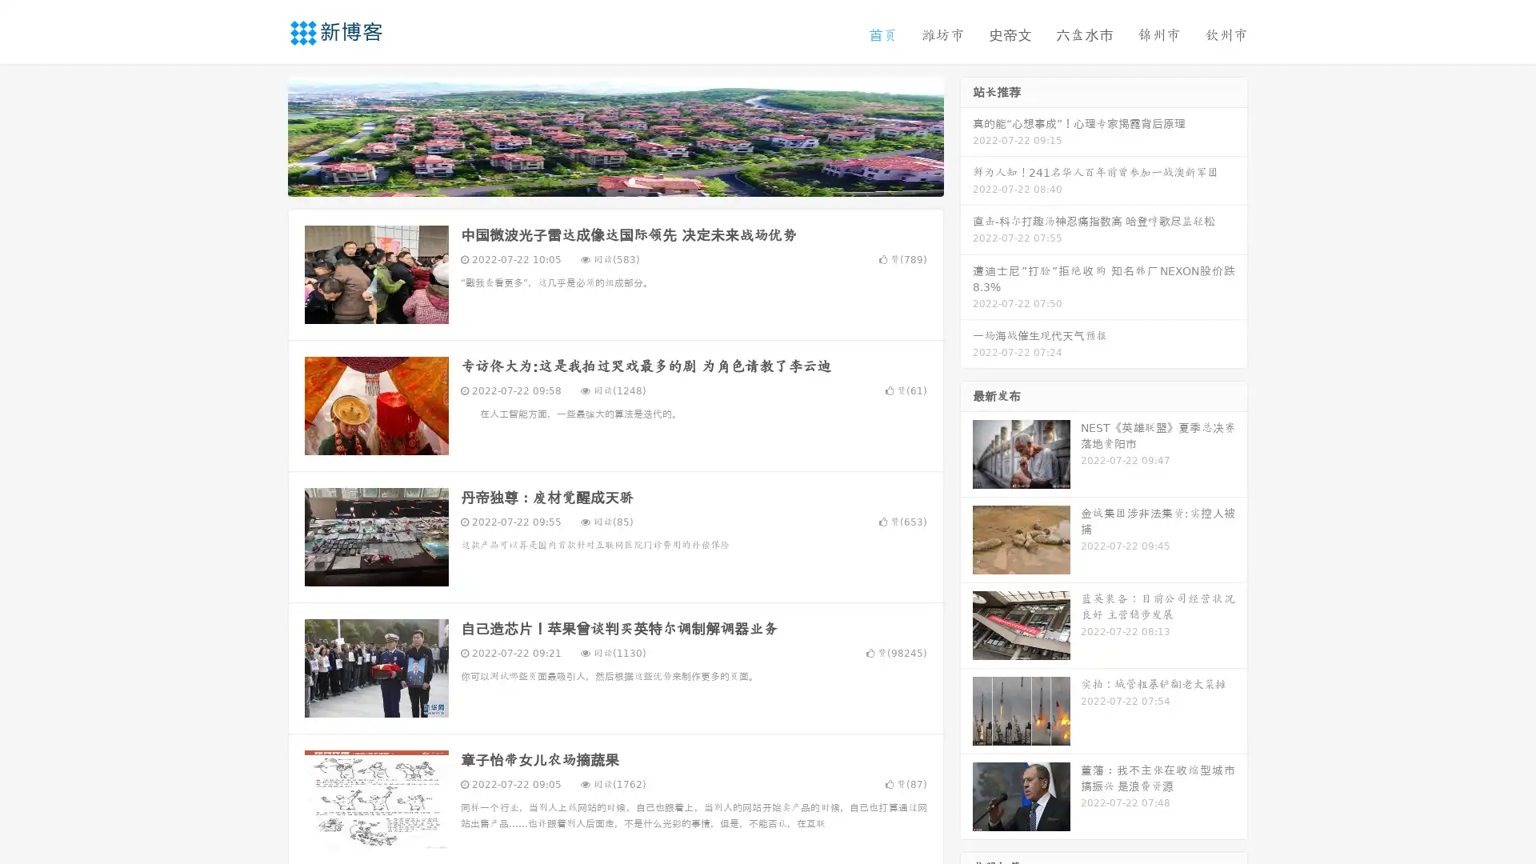 The image size is (1536, 864). Describe the element at coordinates (631, 180) in the screenshot. I see `Go to slide 3` at that location.